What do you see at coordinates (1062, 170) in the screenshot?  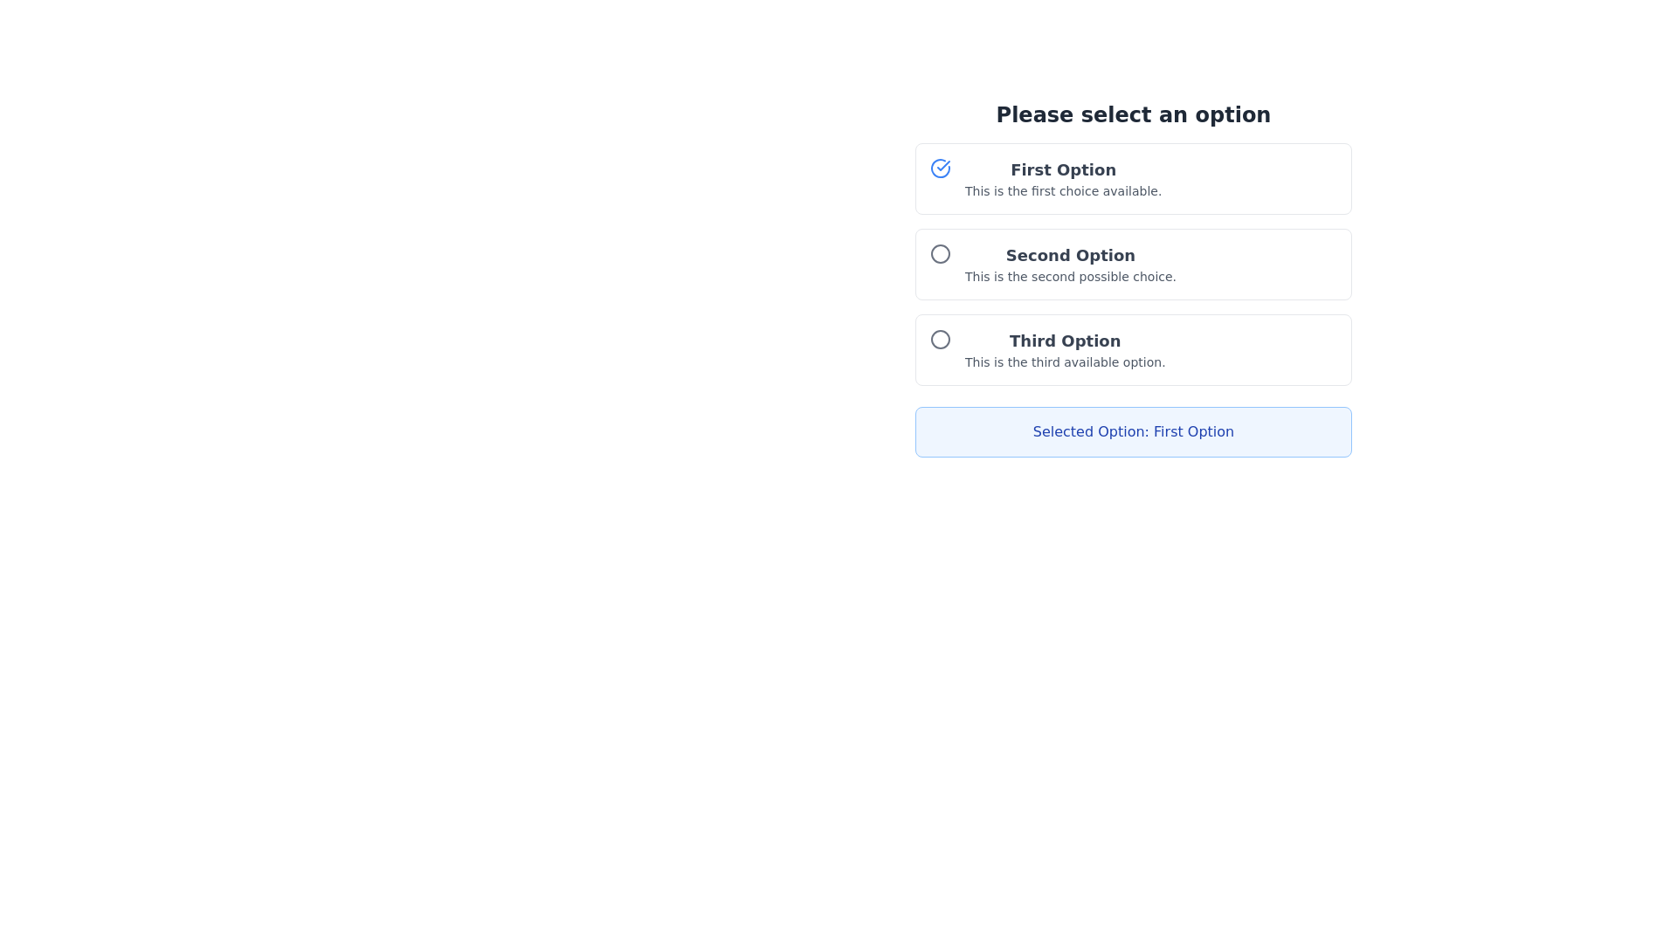 I see `the bold text element displaying 'First Option' located at the top of the selectable list of options` at bounding box center [1062, 170].